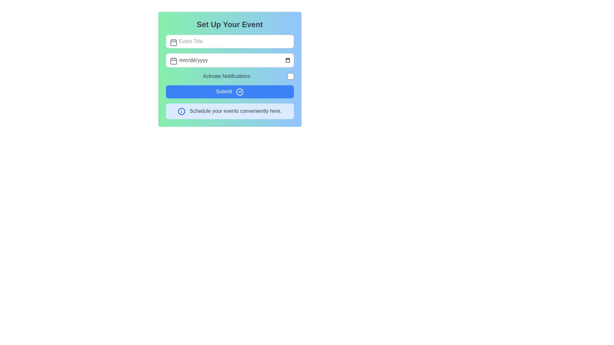 Image resolution: width=614 pixels, height=345 pixels. I want to click on the submission button located at the bottom of the form, so click(230, 92).